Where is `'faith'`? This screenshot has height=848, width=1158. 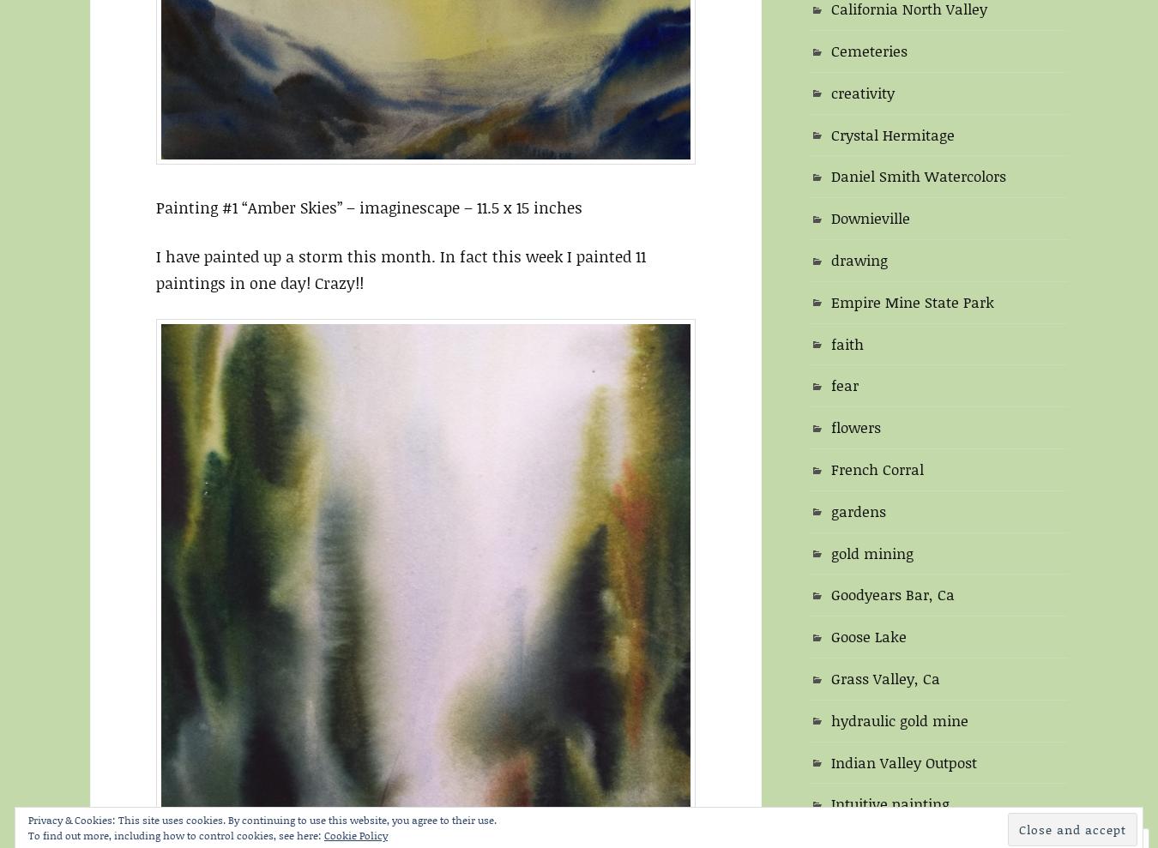 'faith' is located at coordinates (830, 342).